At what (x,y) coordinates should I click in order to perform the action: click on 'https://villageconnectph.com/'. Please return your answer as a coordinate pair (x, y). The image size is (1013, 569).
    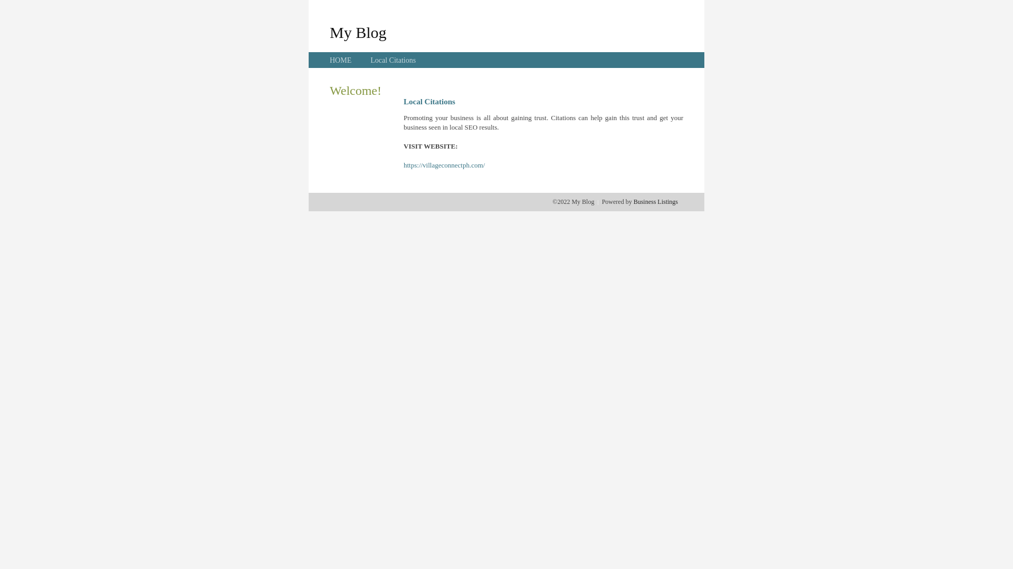
    Looking at the image, I should click on (444, 165).